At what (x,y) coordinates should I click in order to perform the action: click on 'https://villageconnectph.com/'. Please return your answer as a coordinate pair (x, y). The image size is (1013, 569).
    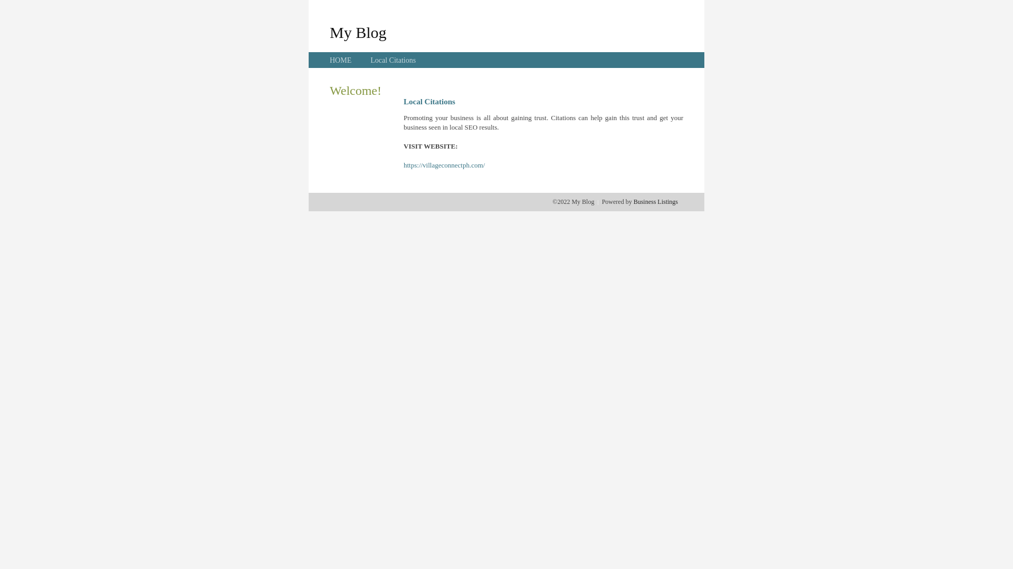
    Looking at the image, I should click on (444, 165).